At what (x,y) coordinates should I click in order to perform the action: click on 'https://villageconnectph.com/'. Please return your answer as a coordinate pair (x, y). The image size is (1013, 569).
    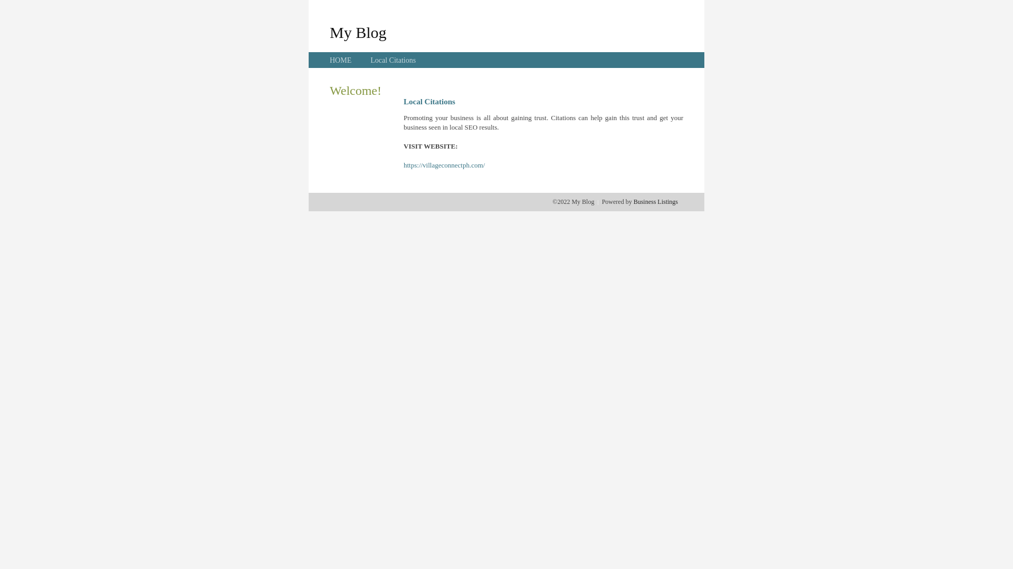
    Looking at the image, I should click on (444, 165).